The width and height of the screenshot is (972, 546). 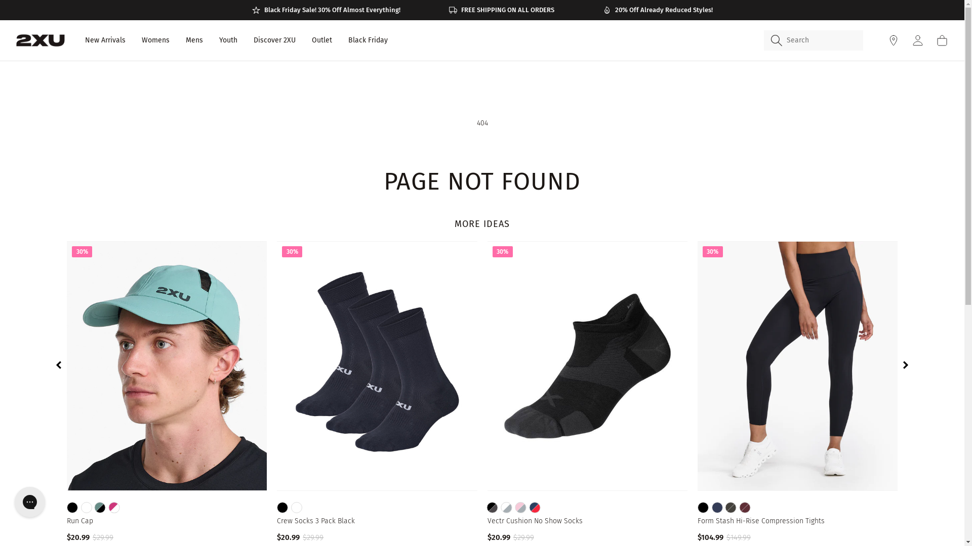 I want to click on 'Form Stash Hi-Rise Compression Tights', so click(x=797, y=521).